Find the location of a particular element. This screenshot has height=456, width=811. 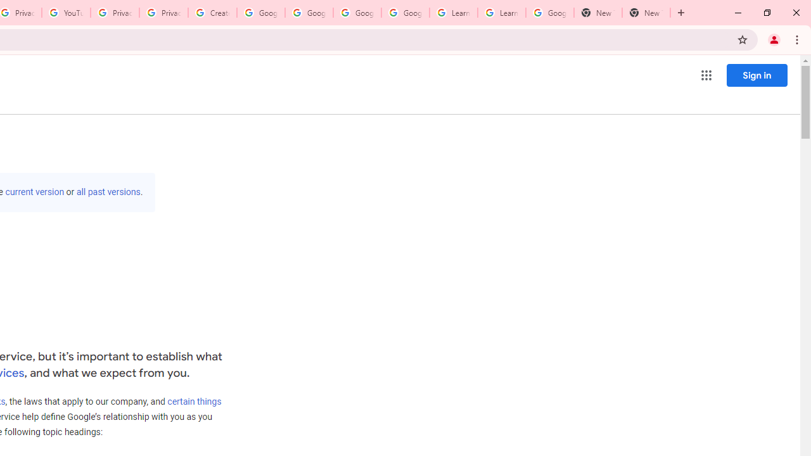

'YouTube' is located at coordinates (65, 13).